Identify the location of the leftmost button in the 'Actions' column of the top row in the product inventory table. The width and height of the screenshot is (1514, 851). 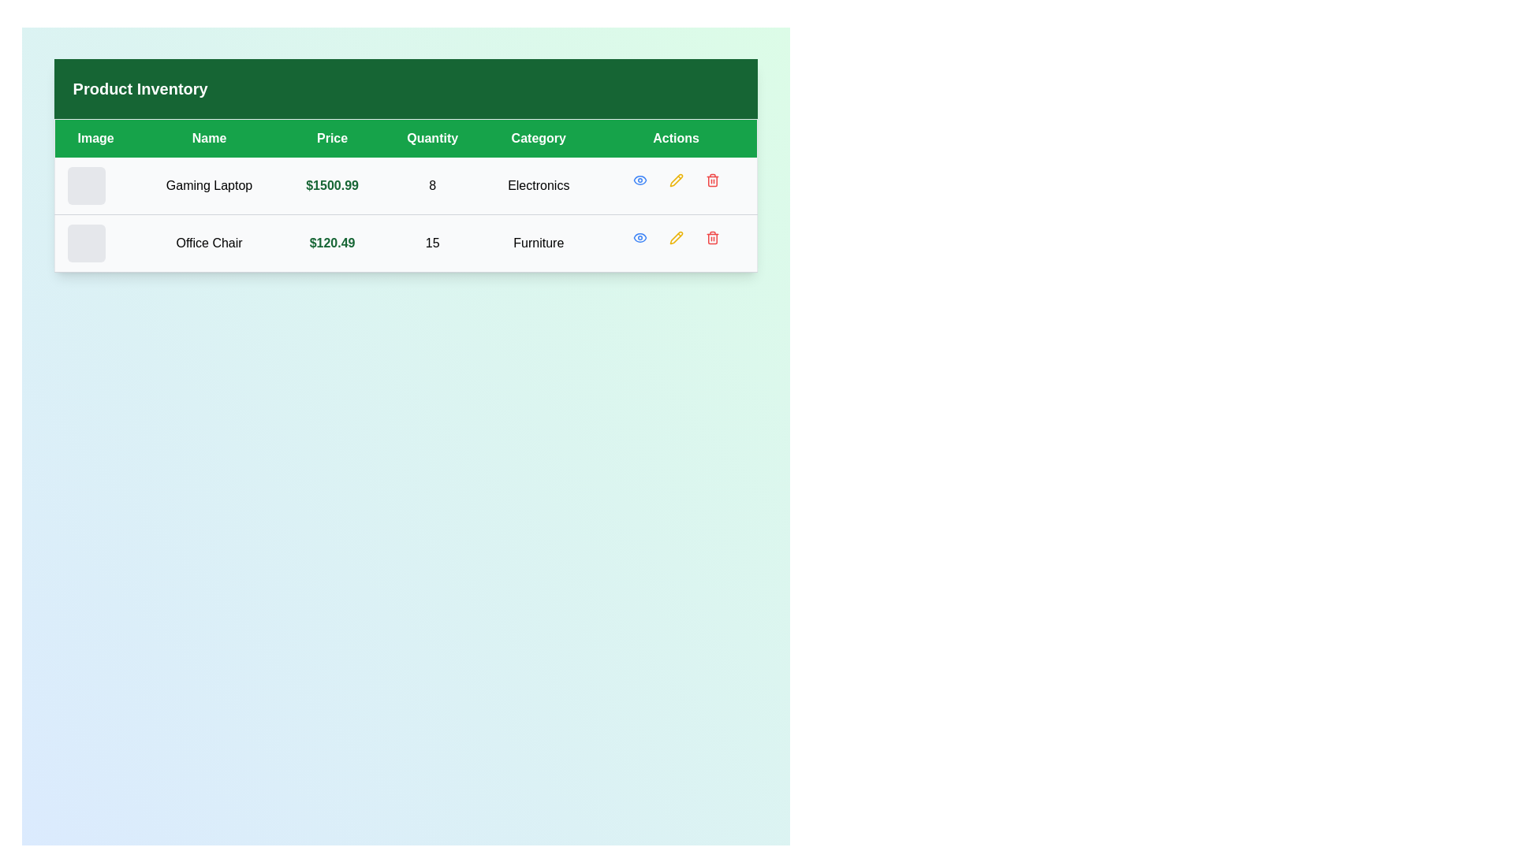
(640, 179).